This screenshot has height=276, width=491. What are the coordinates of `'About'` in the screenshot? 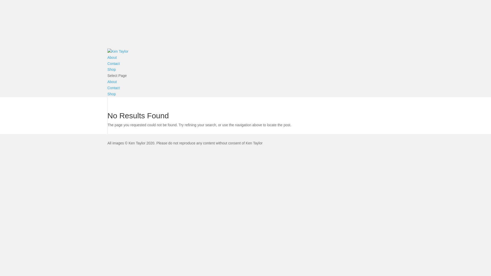 It's located at (112, 82).